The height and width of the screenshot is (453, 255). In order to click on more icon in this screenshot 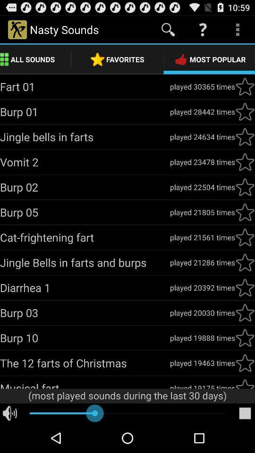, I will do `click(237, 30)`.